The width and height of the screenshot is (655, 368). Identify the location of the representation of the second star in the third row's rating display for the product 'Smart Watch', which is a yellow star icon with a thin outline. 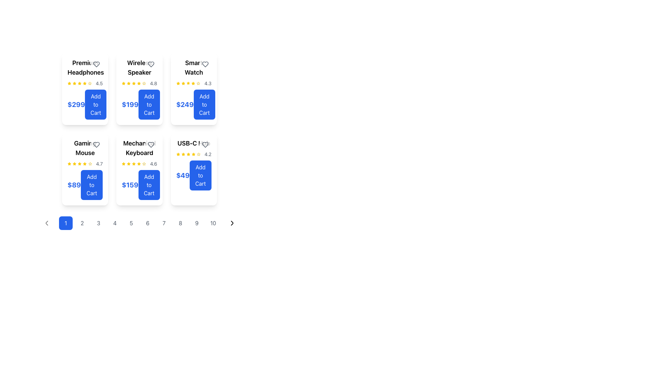
(193, 83).